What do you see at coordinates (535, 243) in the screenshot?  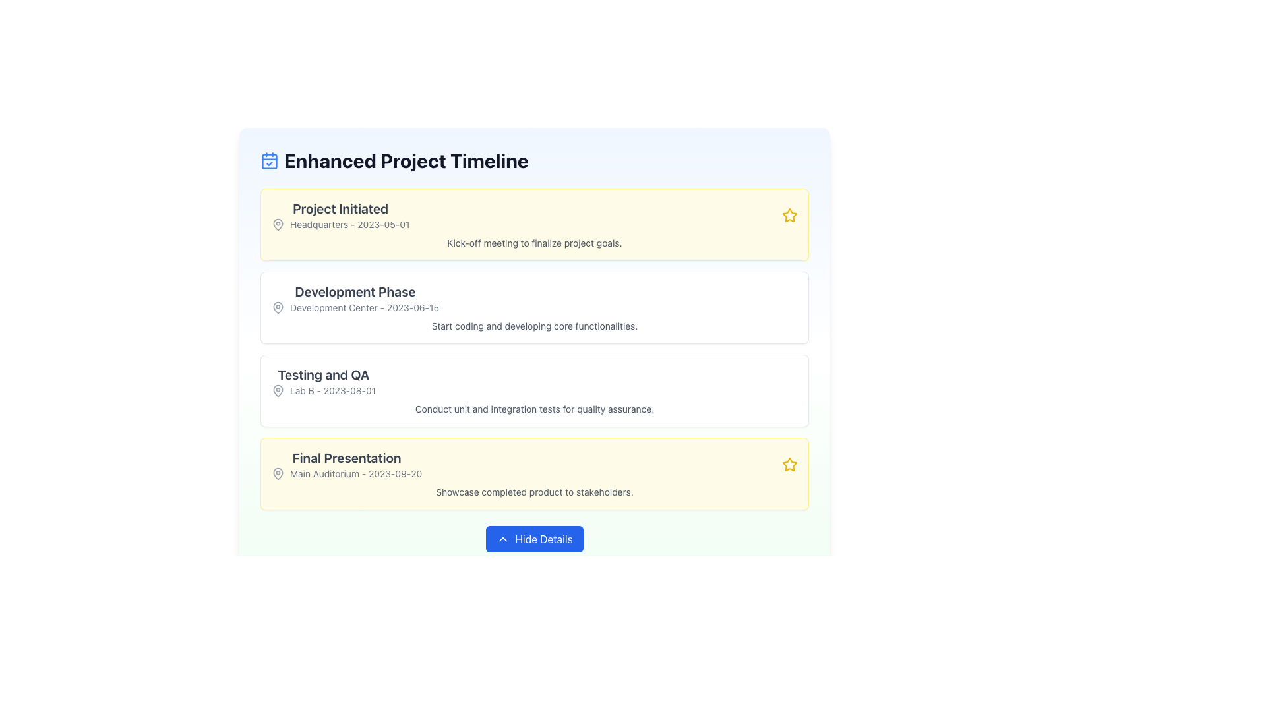 I see `the text element that reads 'Kick-off meeting to finalize project goals.', which is styled with a small font size and gray text color, located near the bottom of the first section of the timeline under 'Project Initiated'` at bounding box center [535, 243].